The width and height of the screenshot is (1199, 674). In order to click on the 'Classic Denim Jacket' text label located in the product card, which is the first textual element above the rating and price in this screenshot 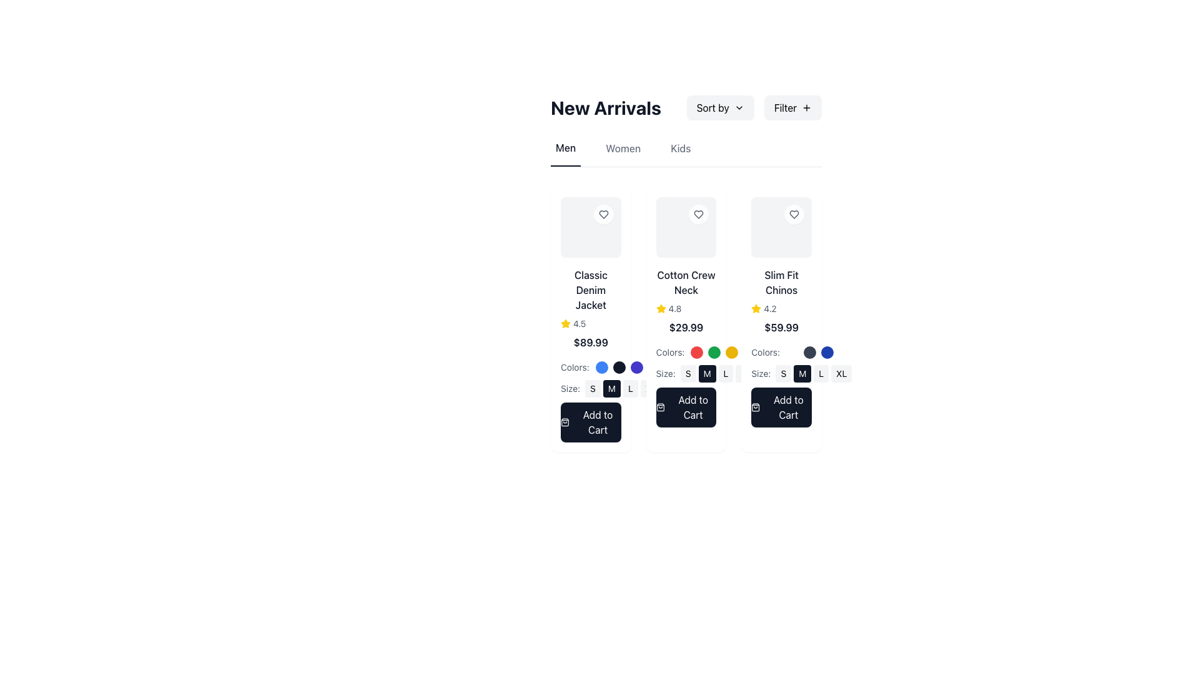, I will do `click(590, 290)`.